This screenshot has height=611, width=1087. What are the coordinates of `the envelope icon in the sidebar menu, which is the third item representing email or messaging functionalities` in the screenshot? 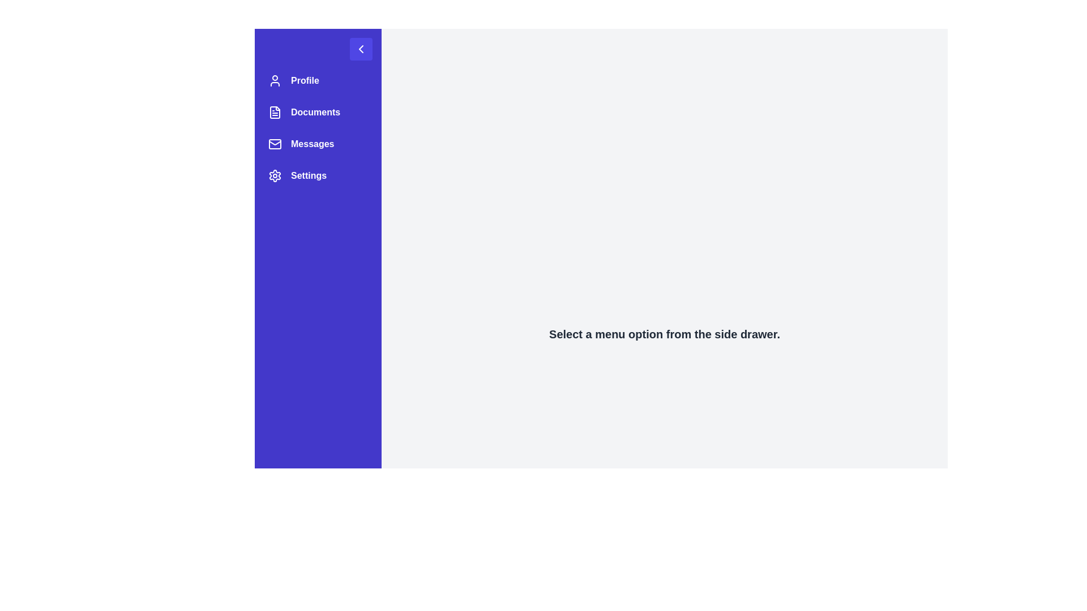 It's located at (275, 141).